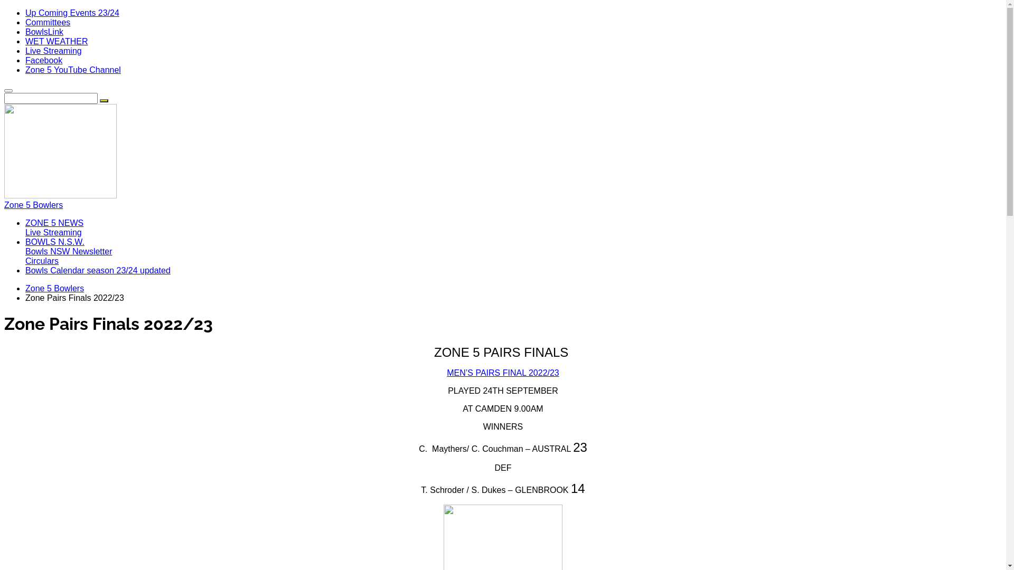 The height and width of the screenshot is (570, 1014). I want to click on 'Bowls Calendar season 23/24 updated', so click(98, 270).